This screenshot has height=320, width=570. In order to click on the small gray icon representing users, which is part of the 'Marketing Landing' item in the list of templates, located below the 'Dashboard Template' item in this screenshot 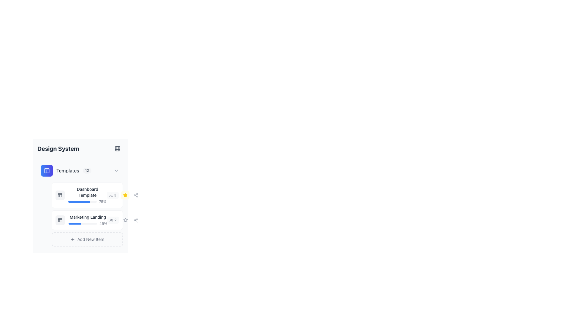, I will do `click(111, 220)`.